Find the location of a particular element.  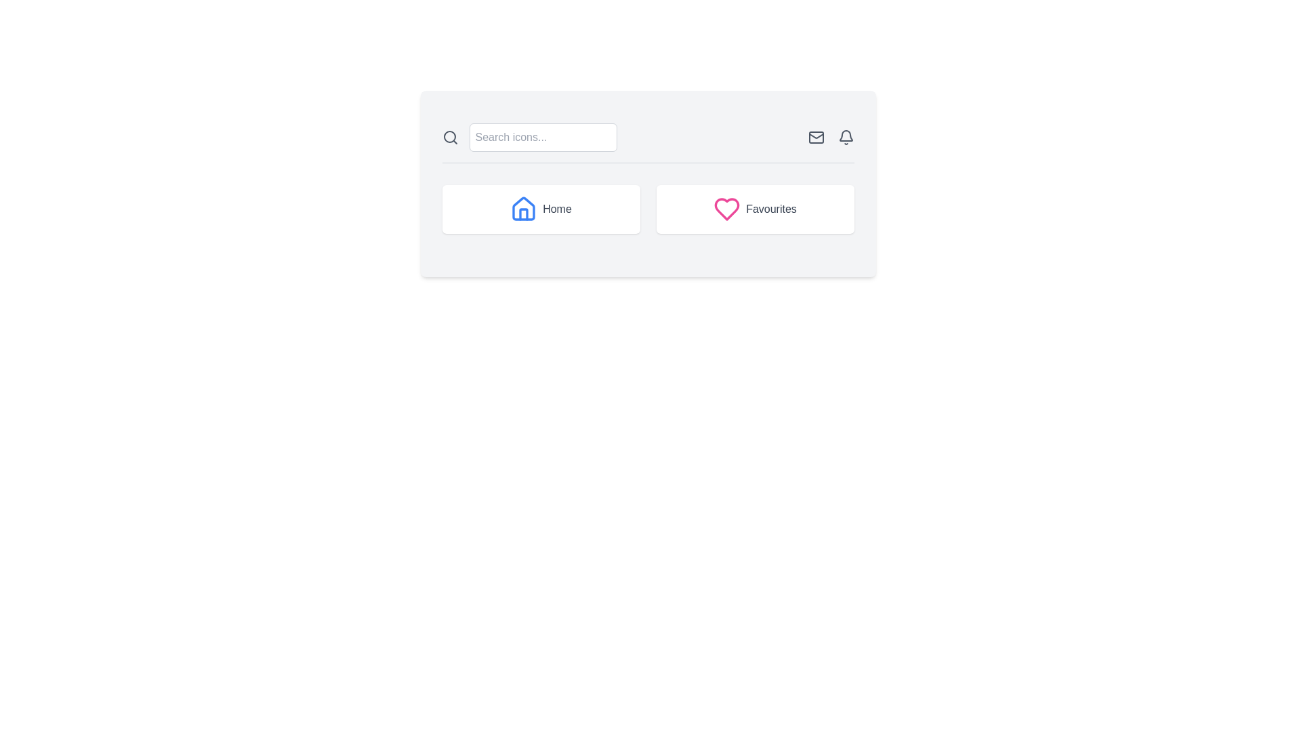

the primary rectangle portion of the envelope icon located in the top-right section of the horizontal toolbar, to the right of the search bar and to the left of the bell notification icon is located at coordinates (815, 138).